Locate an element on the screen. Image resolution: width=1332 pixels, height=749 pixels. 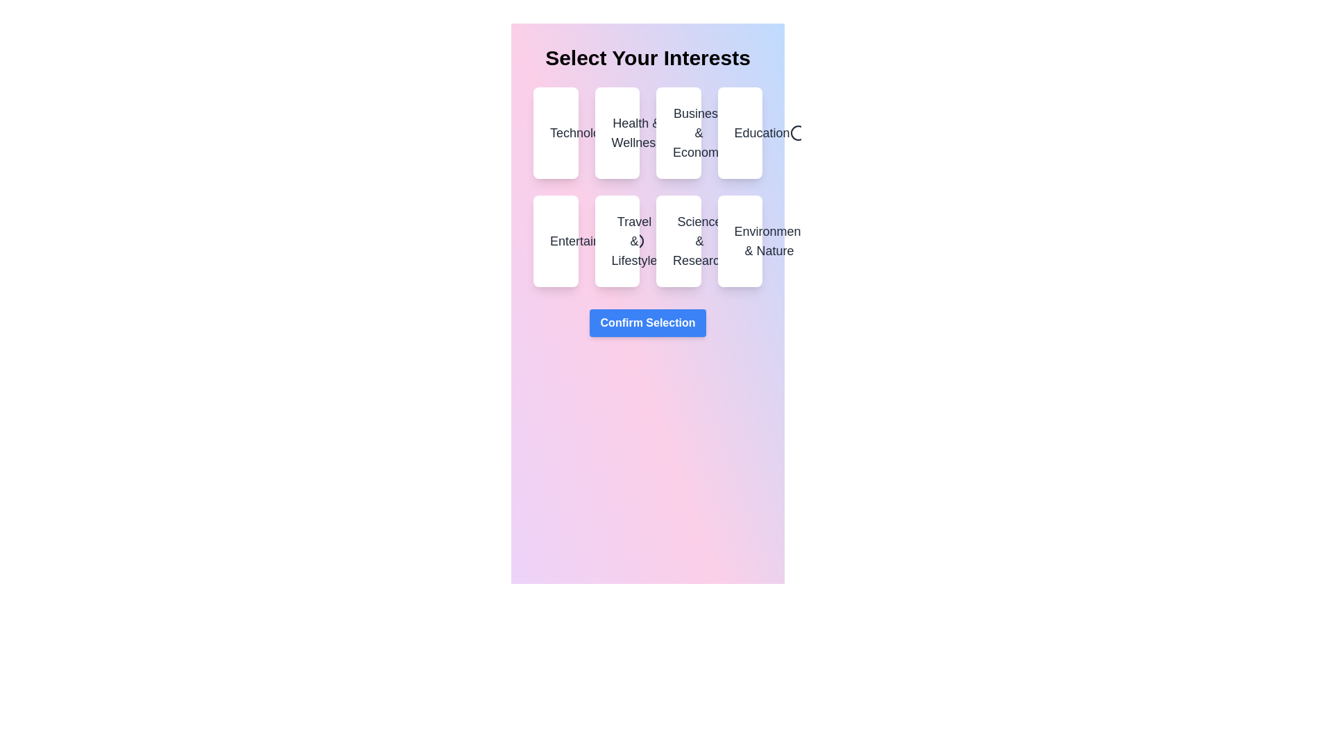
the category Business & Economy by clicking on it is located at coordinates (678, 133).